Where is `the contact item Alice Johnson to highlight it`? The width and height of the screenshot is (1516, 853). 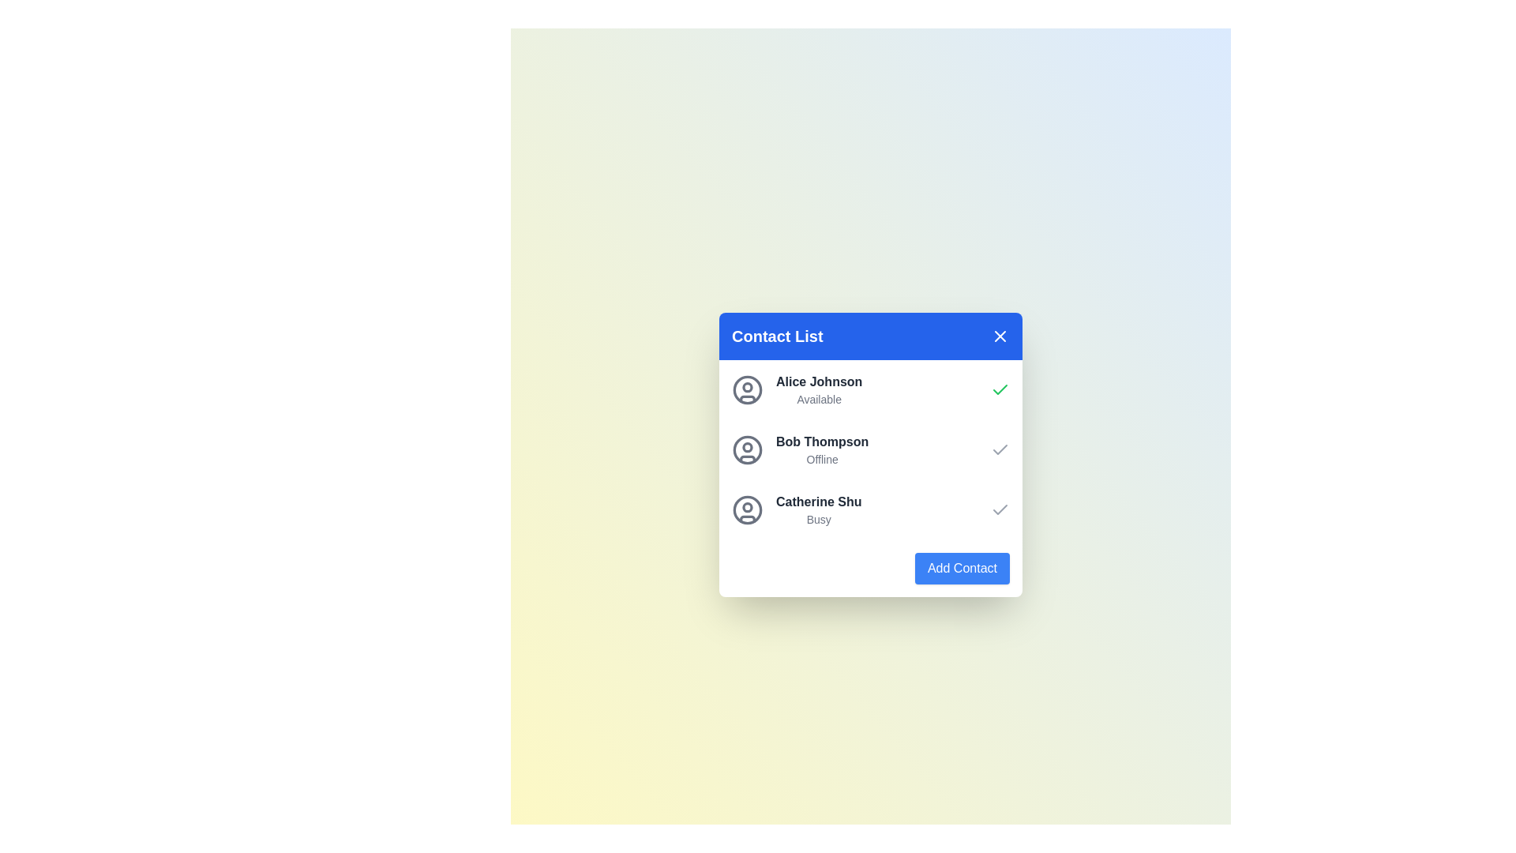 the contact item Alice Johnson to highlight it is located at coordinates (796, 389).